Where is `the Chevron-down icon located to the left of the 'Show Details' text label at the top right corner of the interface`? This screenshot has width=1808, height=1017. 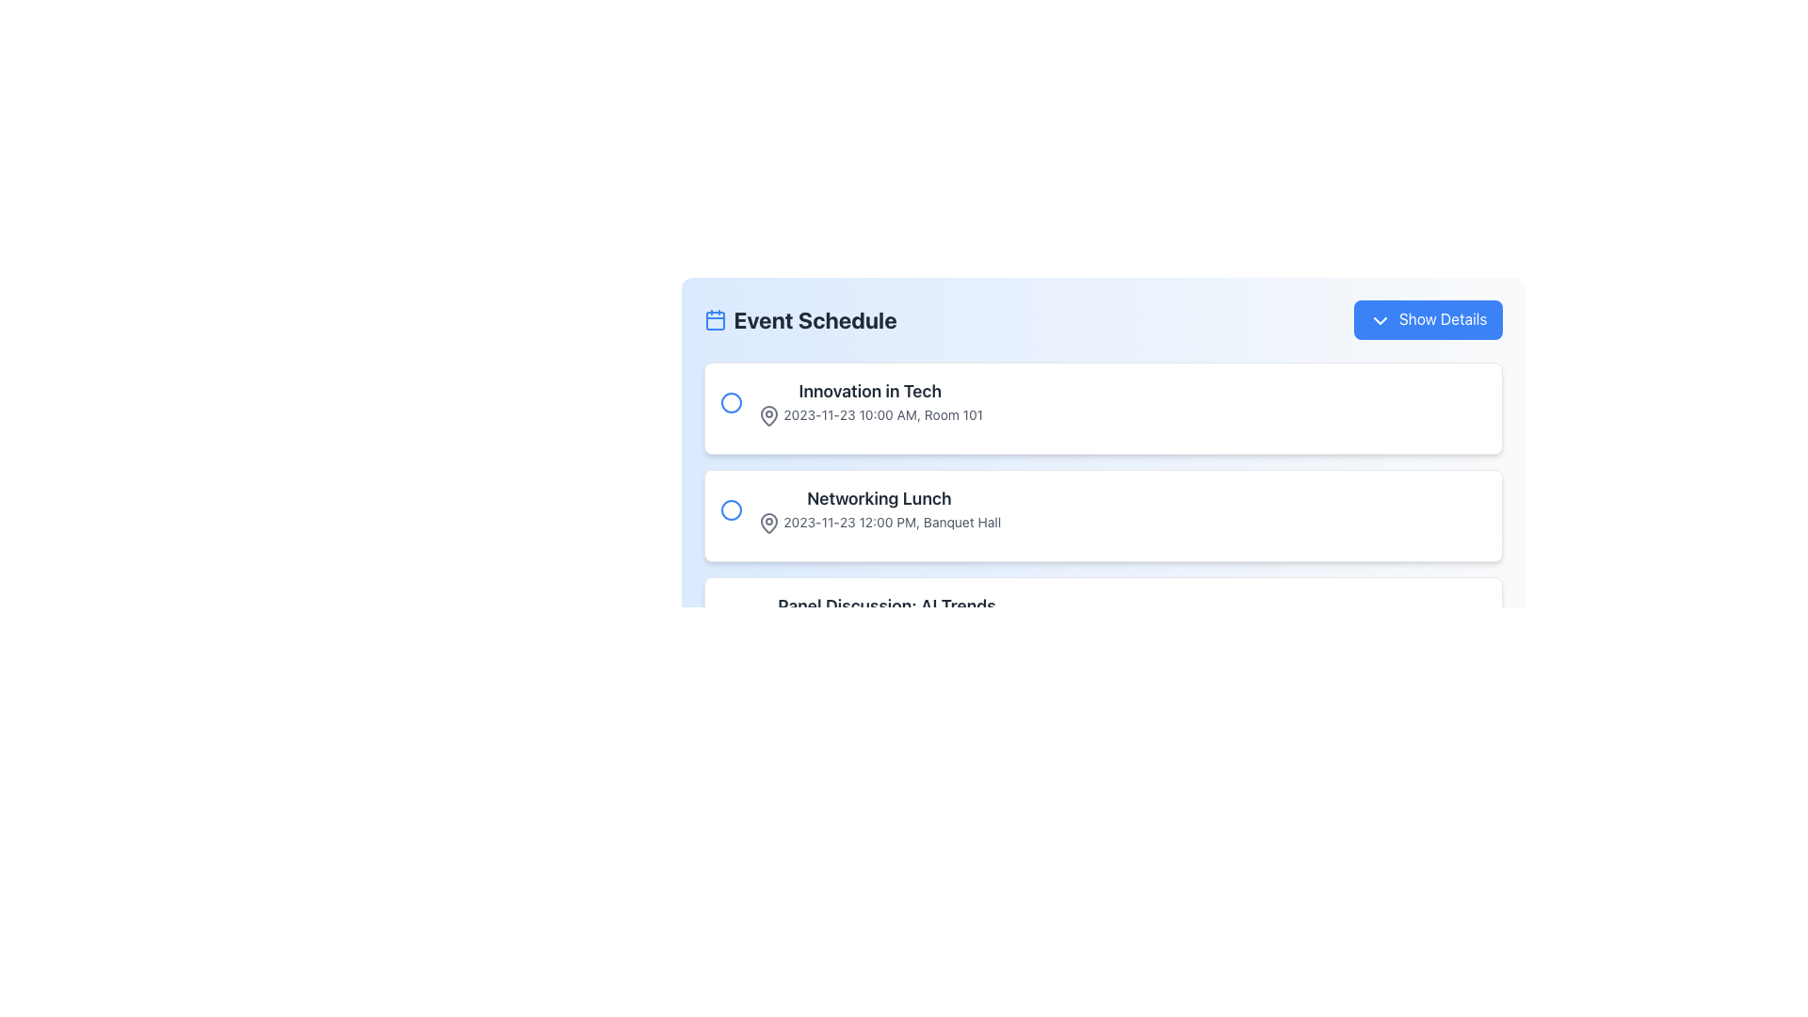
the Chevron-down icon located to the left of the 'Show Details' text label at the top right corner of the interface is located at coordinates (1380, 319).